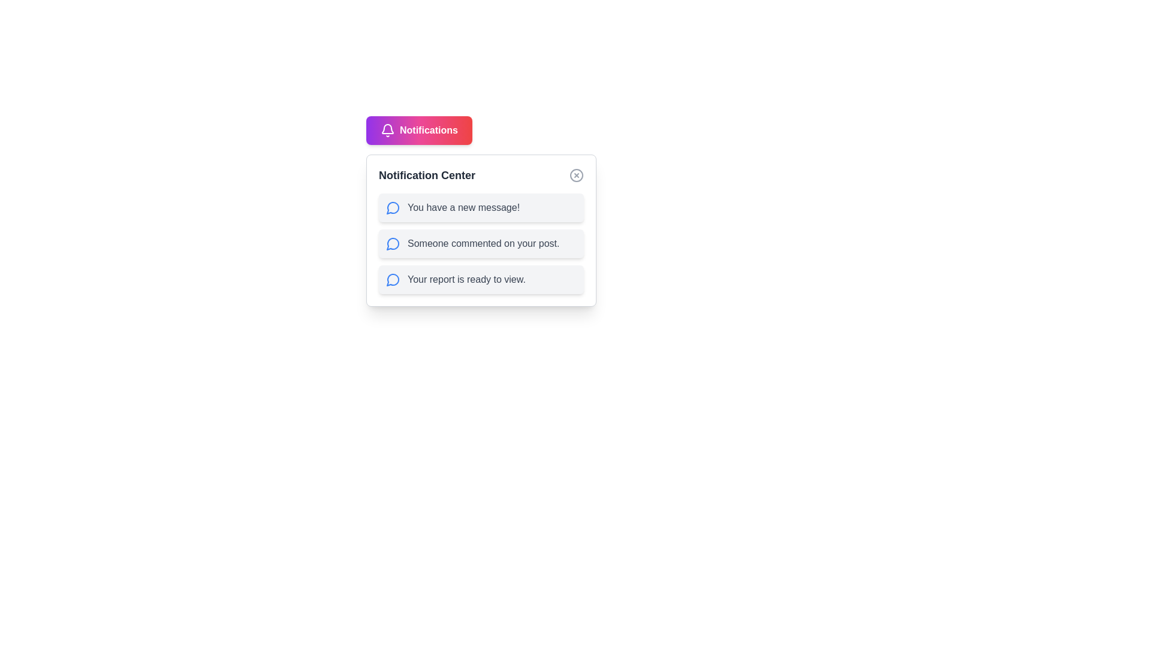 Image resolution: width=1151 pixels, height=647 pixels. I want to click on the message notification icon located on the left side of the notification item that reads 'Your report is ready, so click(393, 279).